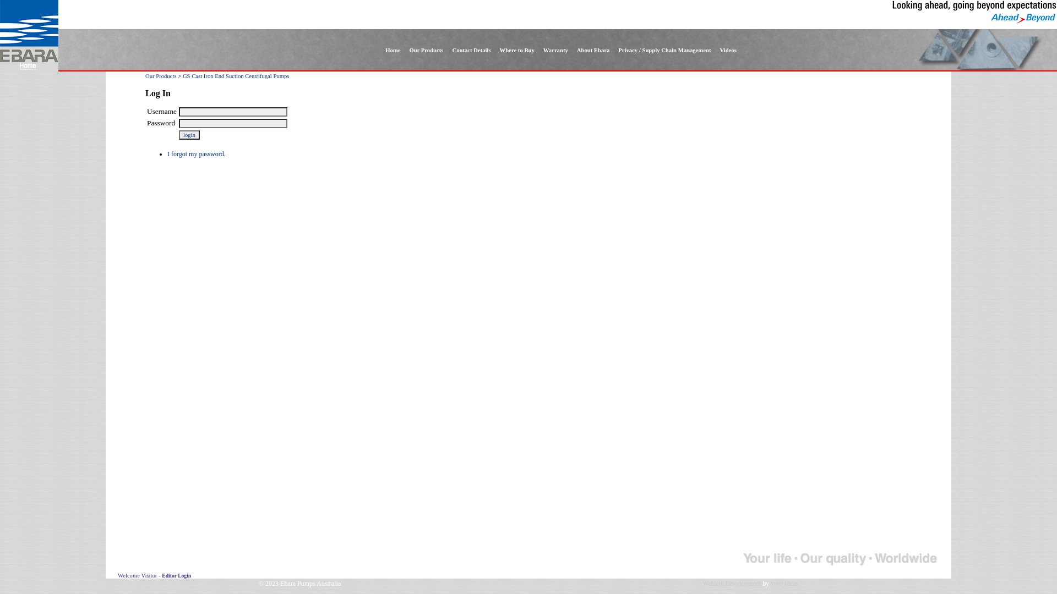 Image resolution: width=1057 pixels, height=594 pixels. I want to click on 'Editor Login', so click(161, 575).